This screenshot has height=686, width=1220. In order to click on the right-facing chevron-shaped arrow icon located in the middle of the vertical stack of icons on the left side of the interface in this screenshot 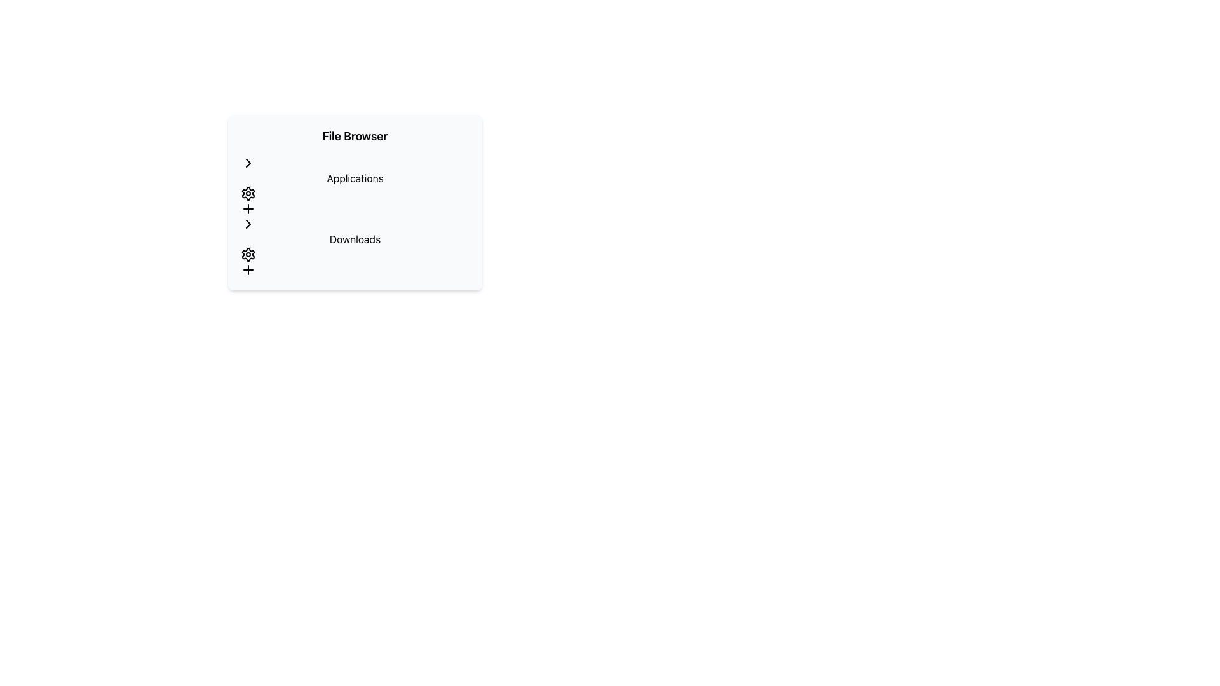, I will do `click(248, 163)`.